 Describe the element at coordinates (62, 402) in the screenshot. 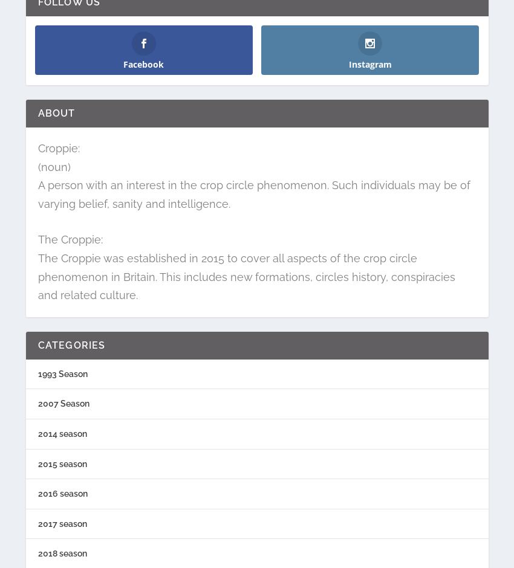

I see `'2007 Season'` at that location.